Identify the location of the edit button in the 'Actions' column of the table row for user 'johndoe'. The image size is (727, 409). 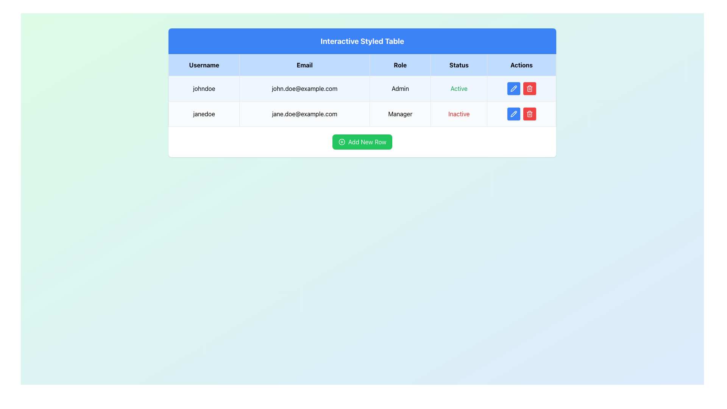
(513, 88).